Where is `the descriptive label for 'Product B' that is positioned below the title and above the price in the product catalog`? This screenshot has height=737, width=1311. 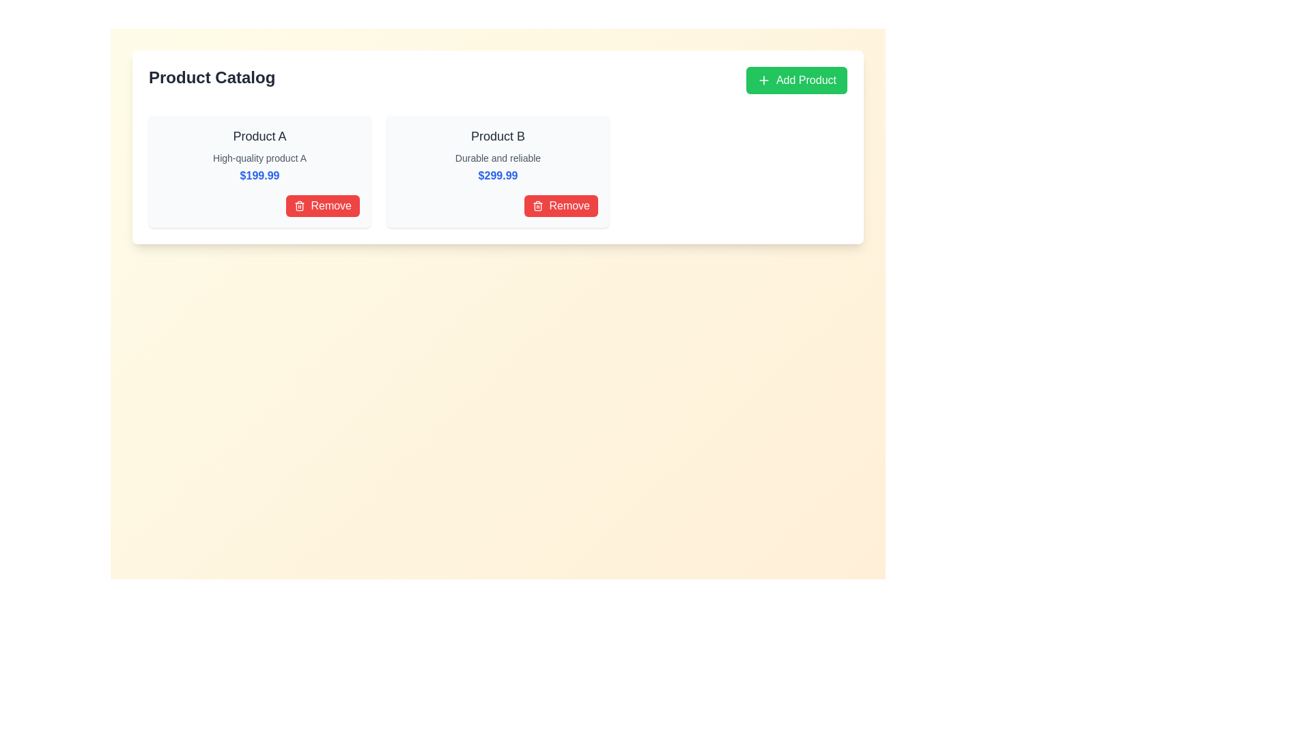 the descriptive label for 'Product B' that is positioned below the title and above the price in the product catalog is located at coordinates (497, 157).